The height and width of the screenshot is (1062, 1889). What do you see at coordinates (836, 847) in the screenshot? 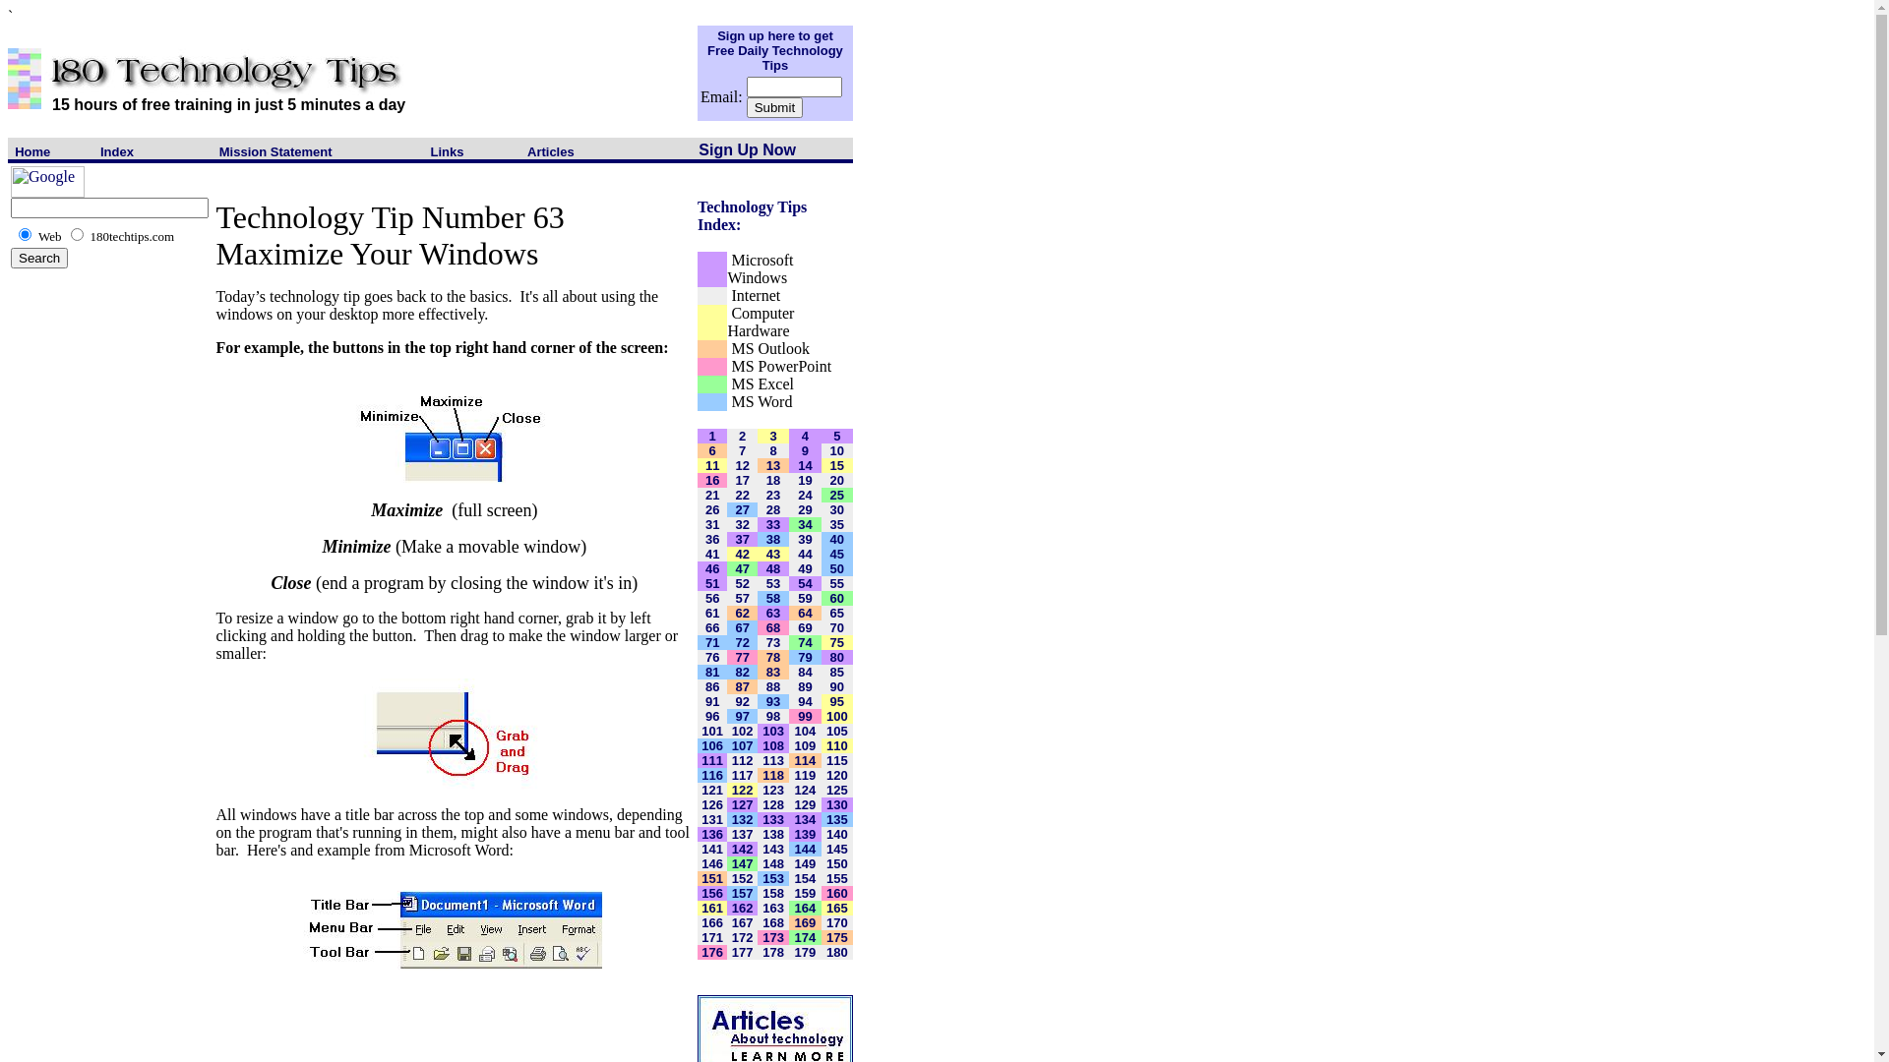
I see `'145'` at bounding box center [836, 847].